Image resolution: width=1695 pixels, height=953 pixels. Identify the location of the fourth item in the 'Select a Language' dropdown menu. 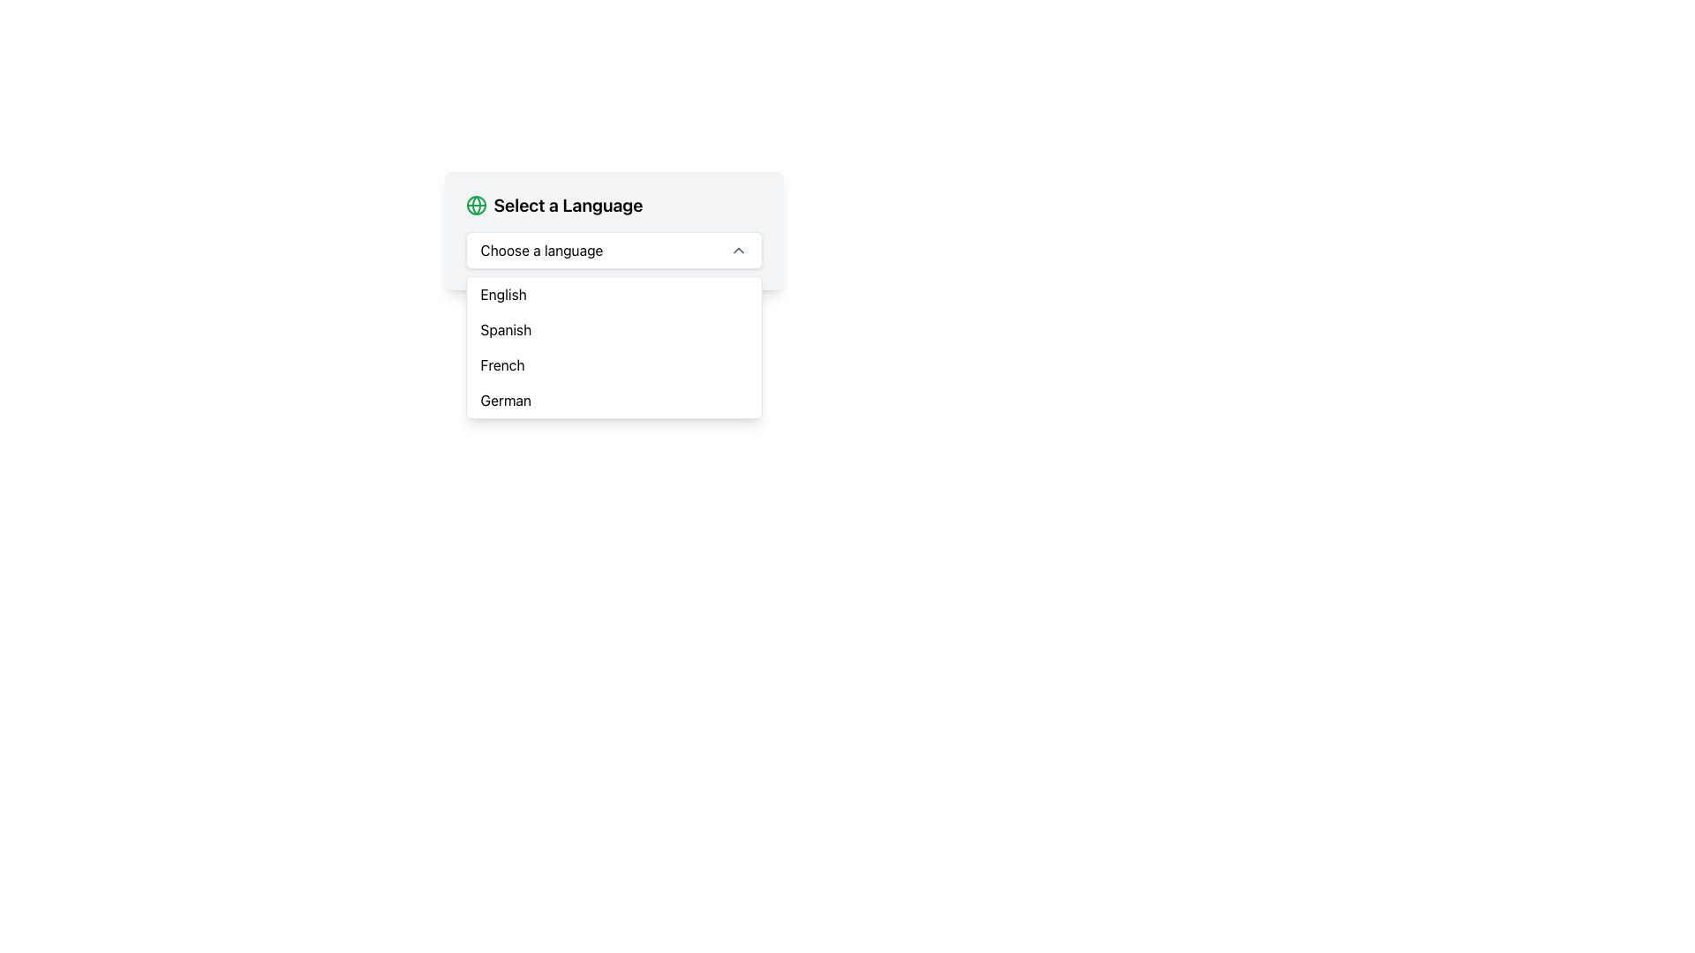
(614, 401).